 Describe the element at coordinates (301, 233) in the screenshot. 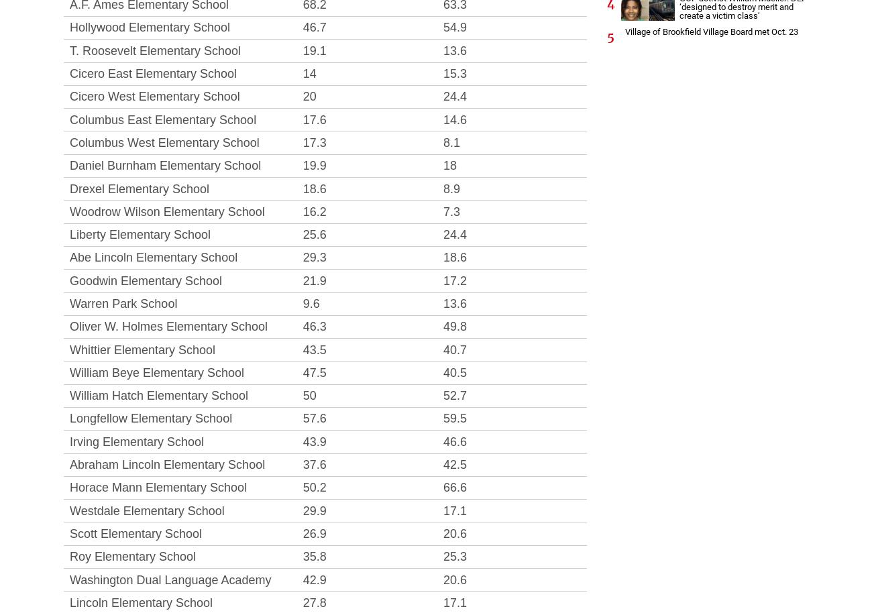

I see `'25.6'` at that location.